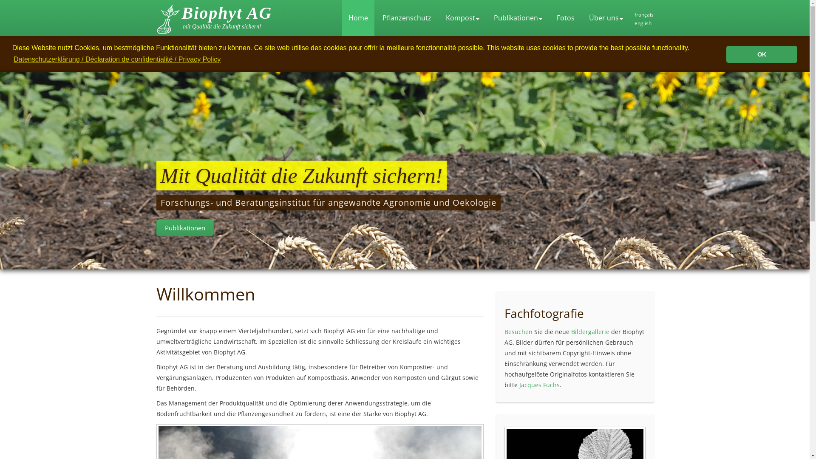 This screenshot has height=459, width=816. What do you see at coordinates (357, 18) in the screenshot?
I see `'Home'` at bounding box center [357, 18].